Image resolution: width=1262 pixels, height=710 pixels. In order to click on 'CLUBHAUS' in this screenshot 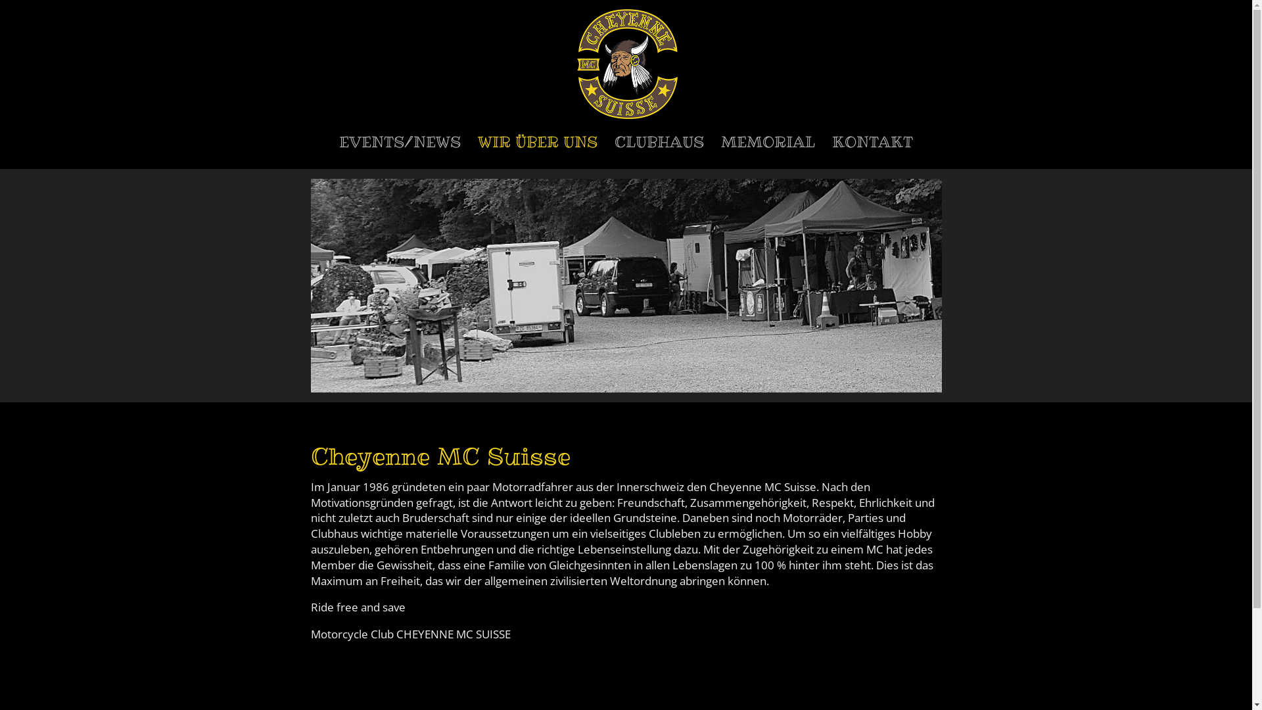, I will do `click(659, 152)`.